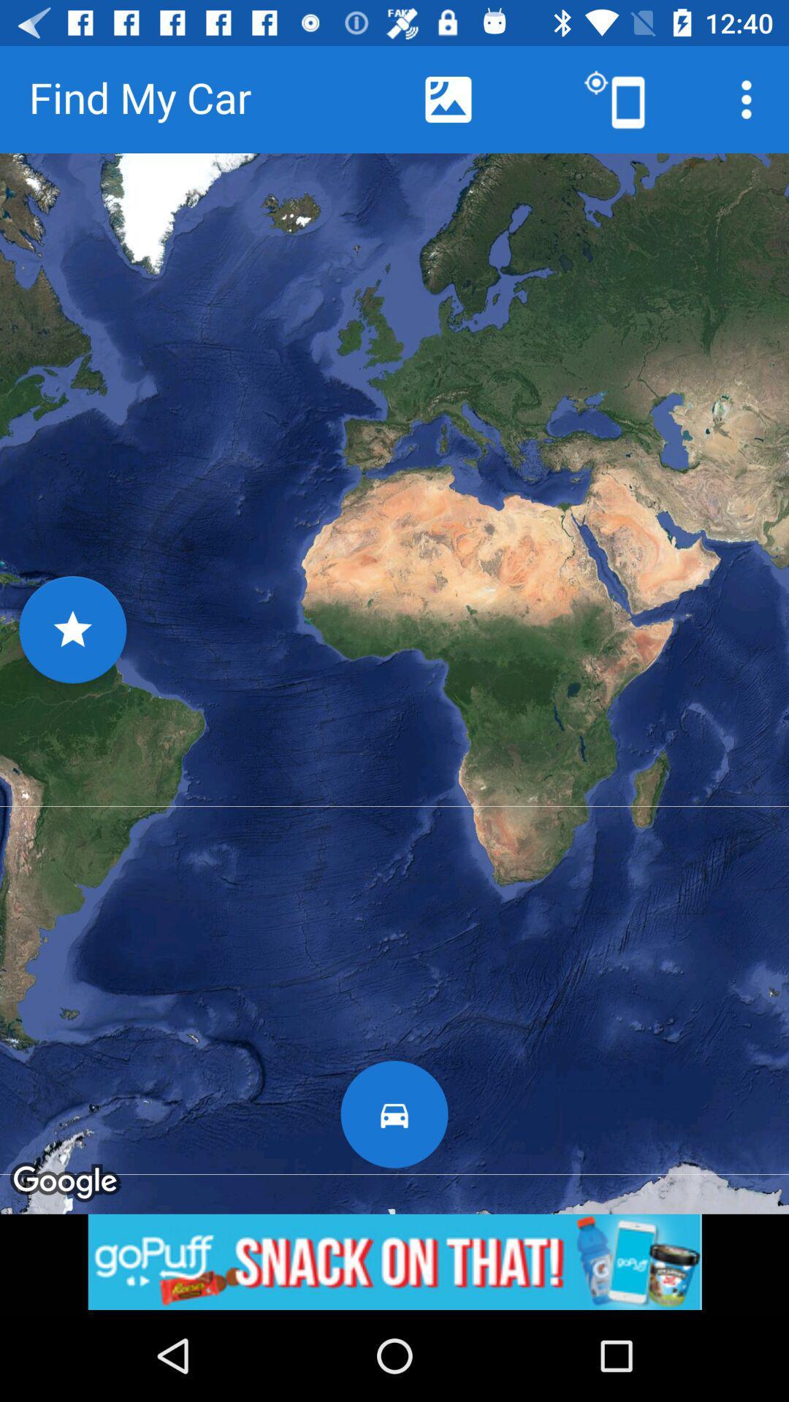 This screenshot has height=1402, width=789. Describe the element at coordinates (394, 1261) in the screenshot. I see `advertisement` at that location.